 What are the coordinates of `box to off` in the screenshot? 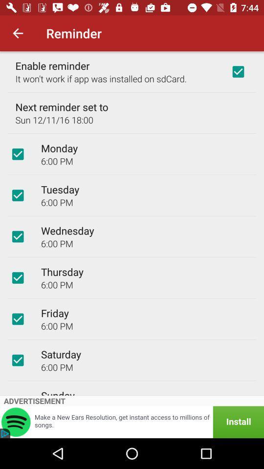 It's located at (18, 154).